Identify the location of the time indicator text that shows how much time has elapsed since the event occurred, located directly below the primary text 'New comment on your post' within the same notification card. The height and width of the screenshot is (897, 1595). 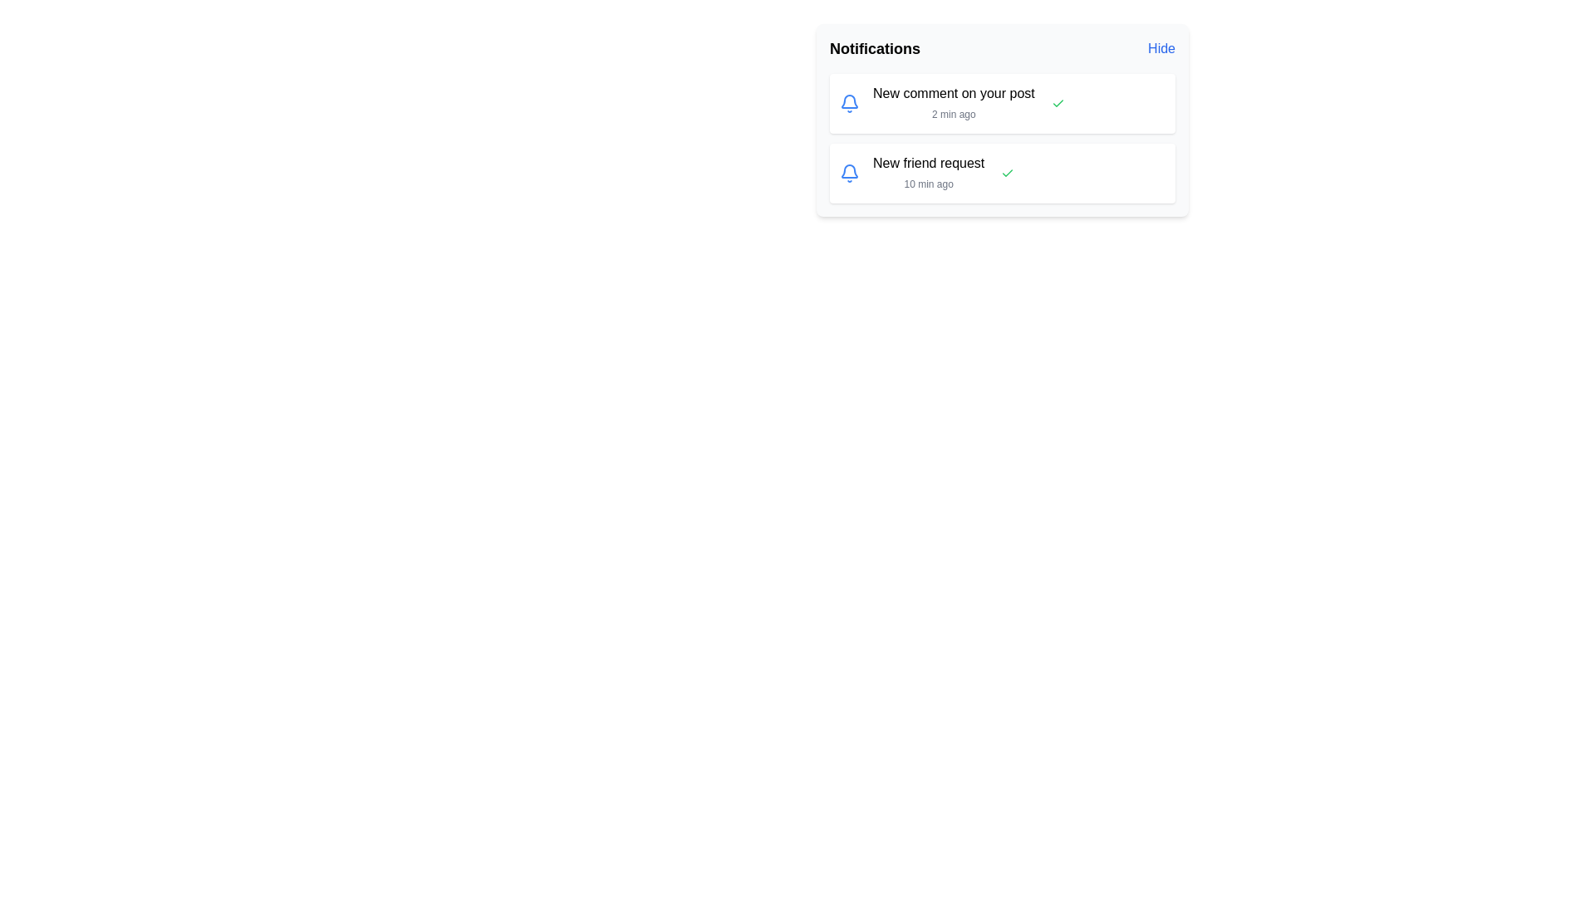
(954, 114).